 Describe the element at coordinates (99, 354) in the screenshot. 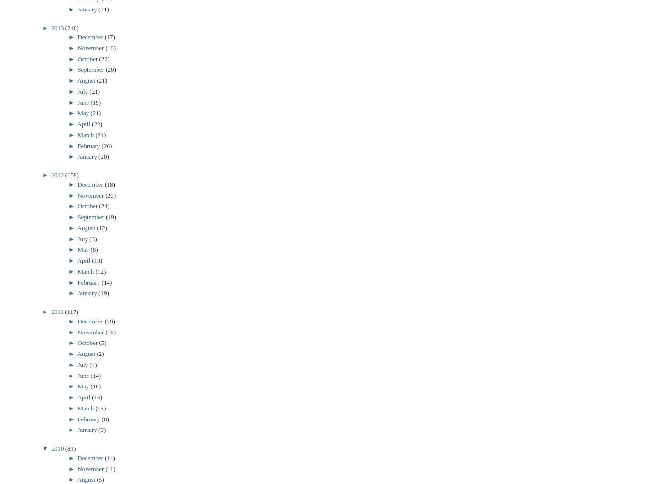

I see `'(2)'` at that location.